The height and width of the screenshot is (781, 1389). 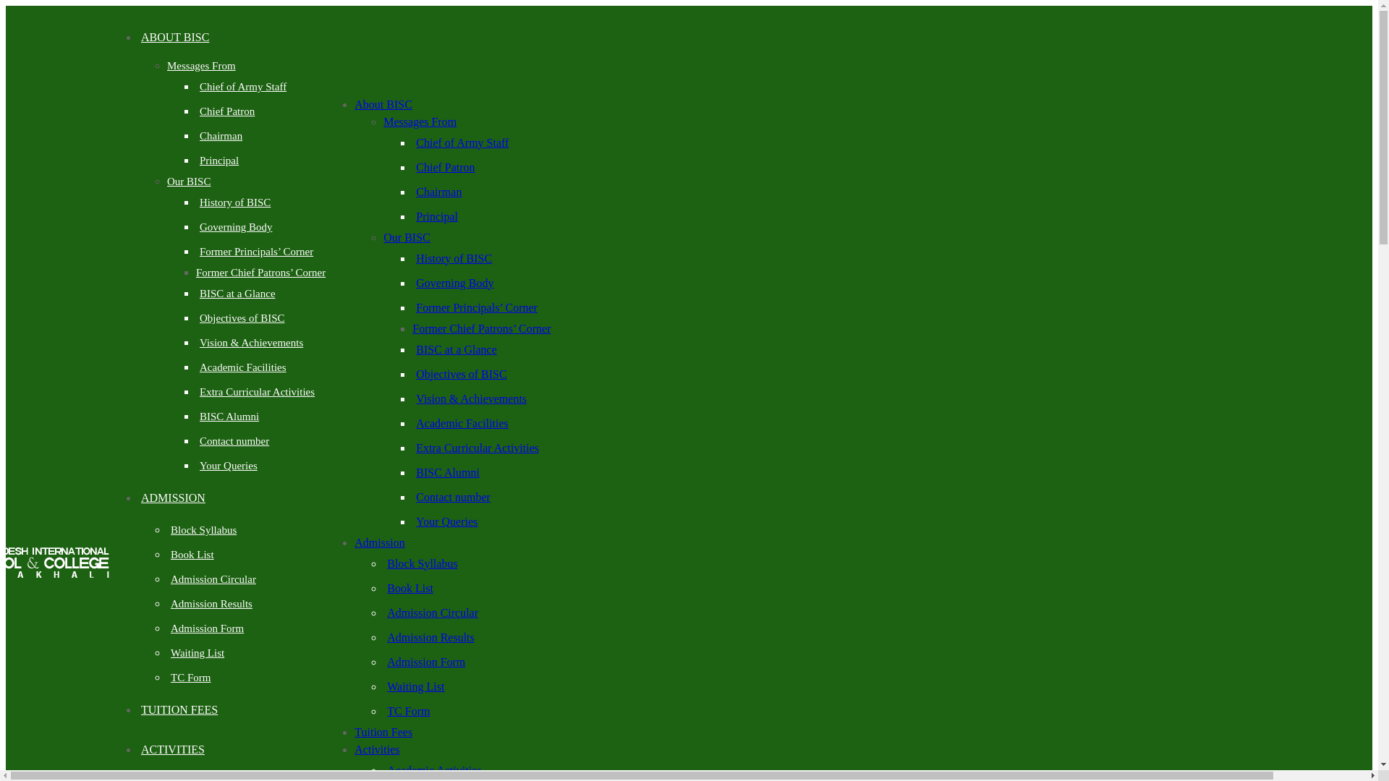 What do you see at coordinates (433, 769) in the screenshot?
I see `'Academic Activities'` at bounding box center [433, 769].